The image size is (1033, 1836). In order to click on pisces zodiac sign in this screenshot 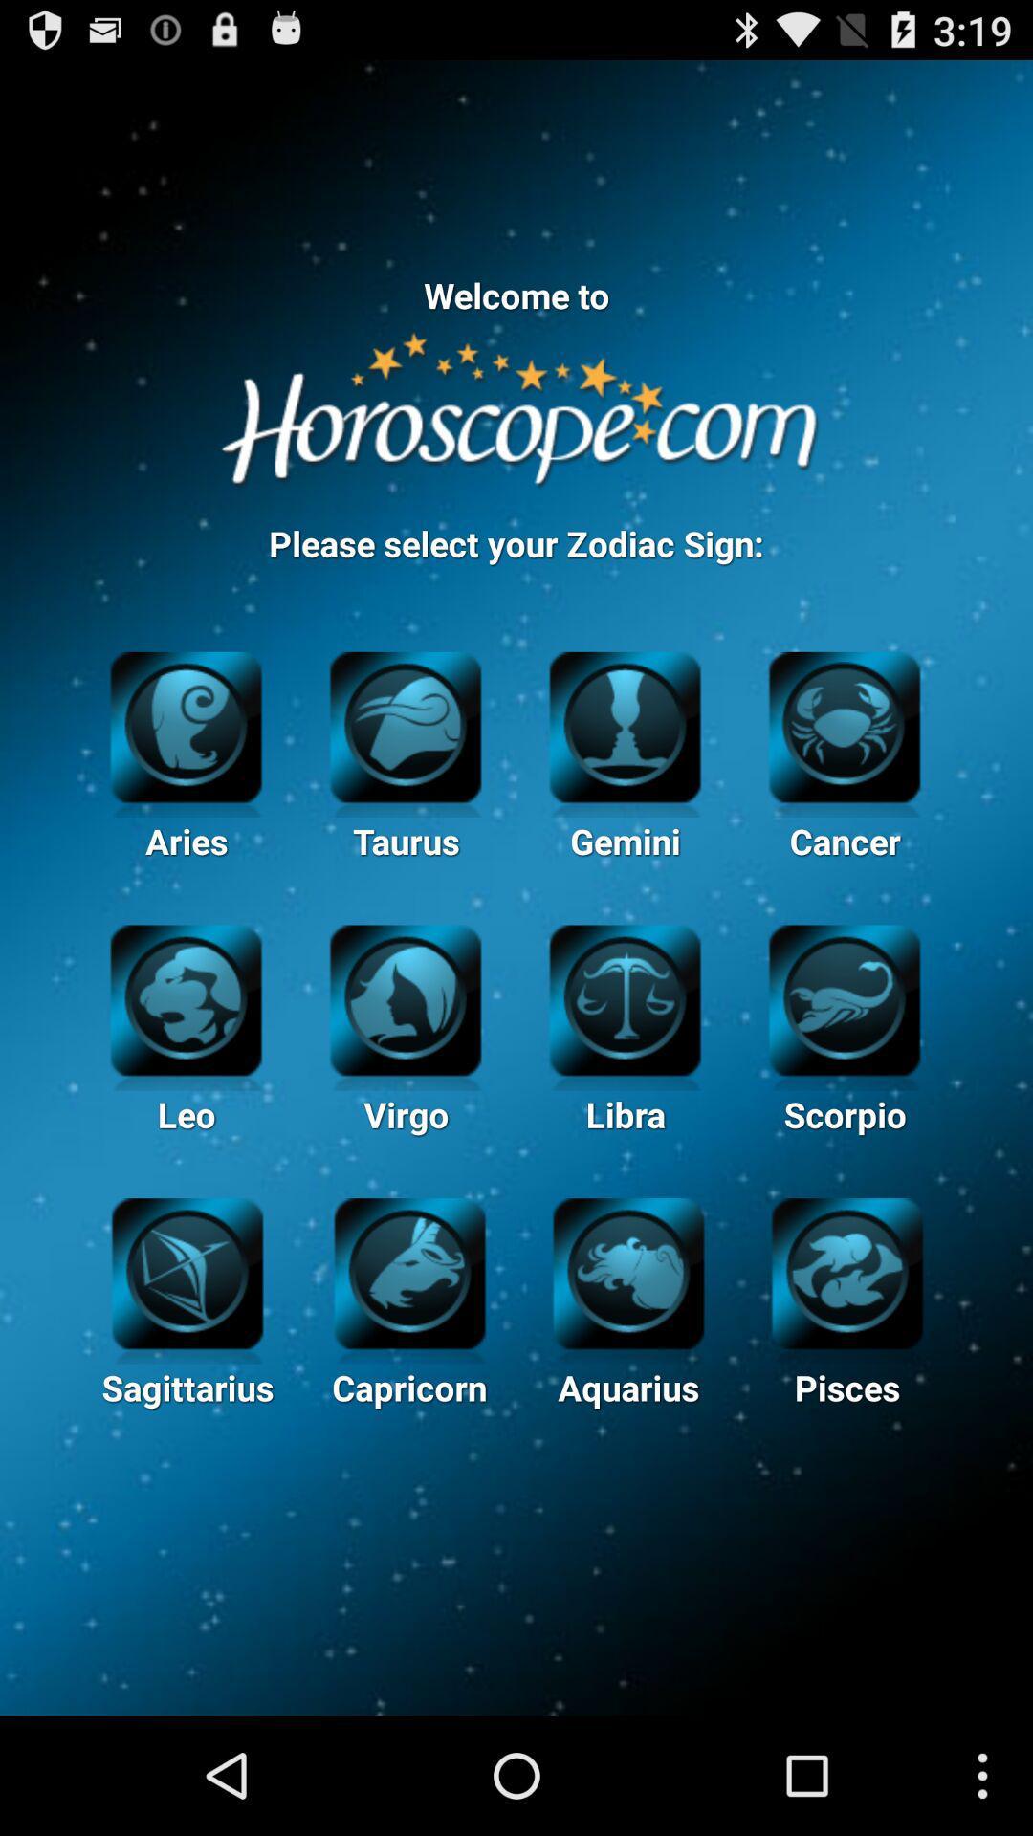, I will do `click(846, 1271)`.